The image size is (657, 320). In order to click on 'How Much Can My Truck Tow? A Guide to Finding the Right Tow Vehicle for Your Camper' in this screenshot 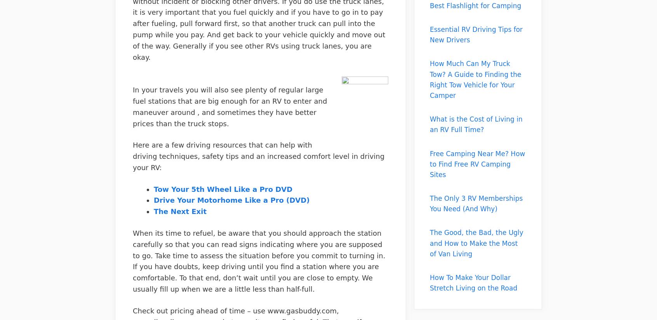, I will do `click(430, 79)`.